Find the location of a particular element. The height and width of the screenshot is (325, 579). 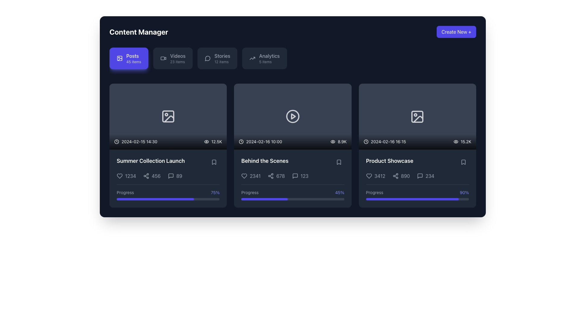

text content of the progress percentage label located in the 'Progress' section of the first card, positioned to the right of 'Progress' and above the progress bar is located at coordinates (215, 193).